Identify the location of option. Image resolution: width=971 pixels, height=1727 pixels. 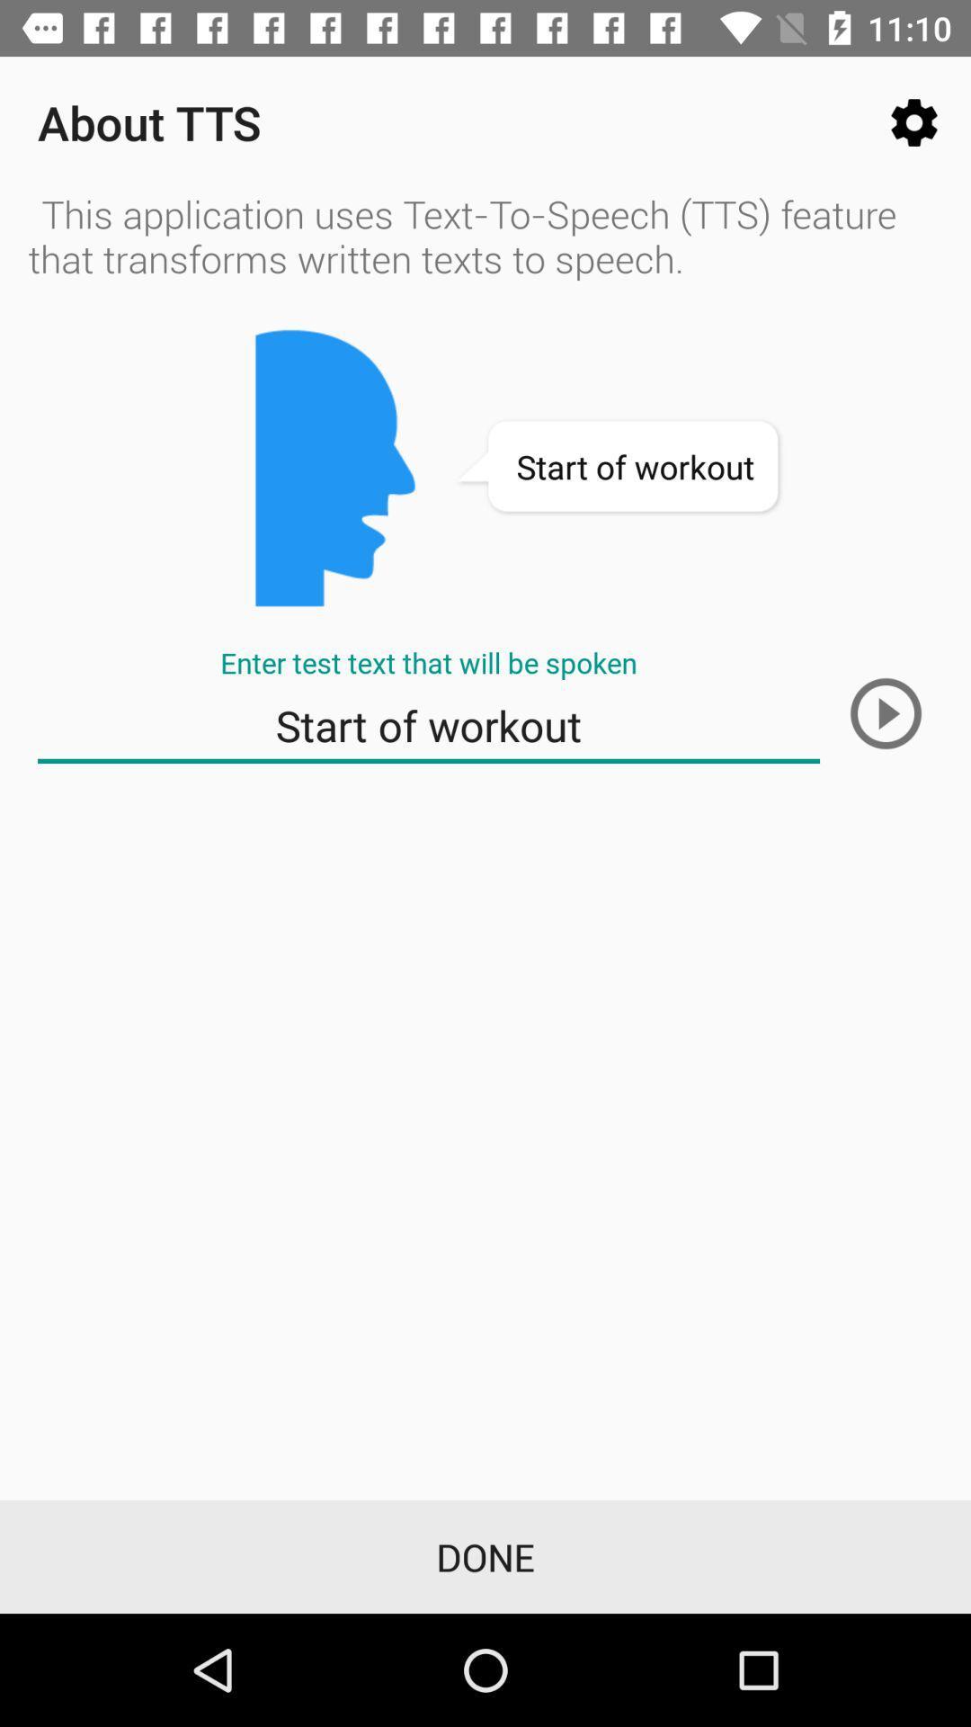
(885, 712).